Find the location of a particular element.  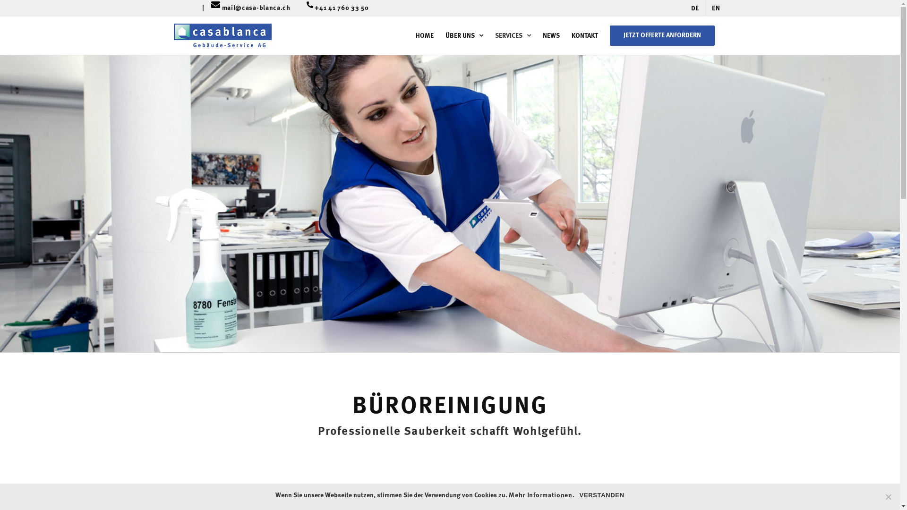

'EN' is located at coordinates (716, 8).